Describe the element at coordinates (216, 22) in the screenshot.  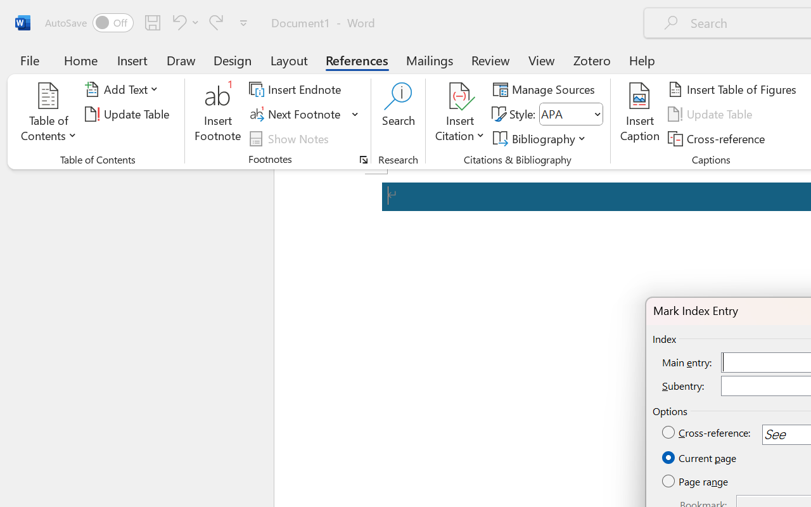
I see `'Redo Apply Quick Style'` at that location.